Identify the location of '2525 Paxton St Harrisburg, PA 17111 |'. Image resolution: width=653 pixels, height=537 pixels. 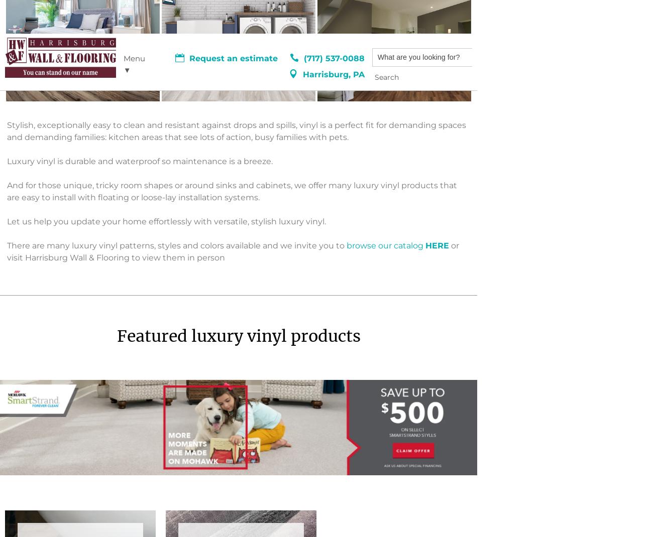
(78, 325).